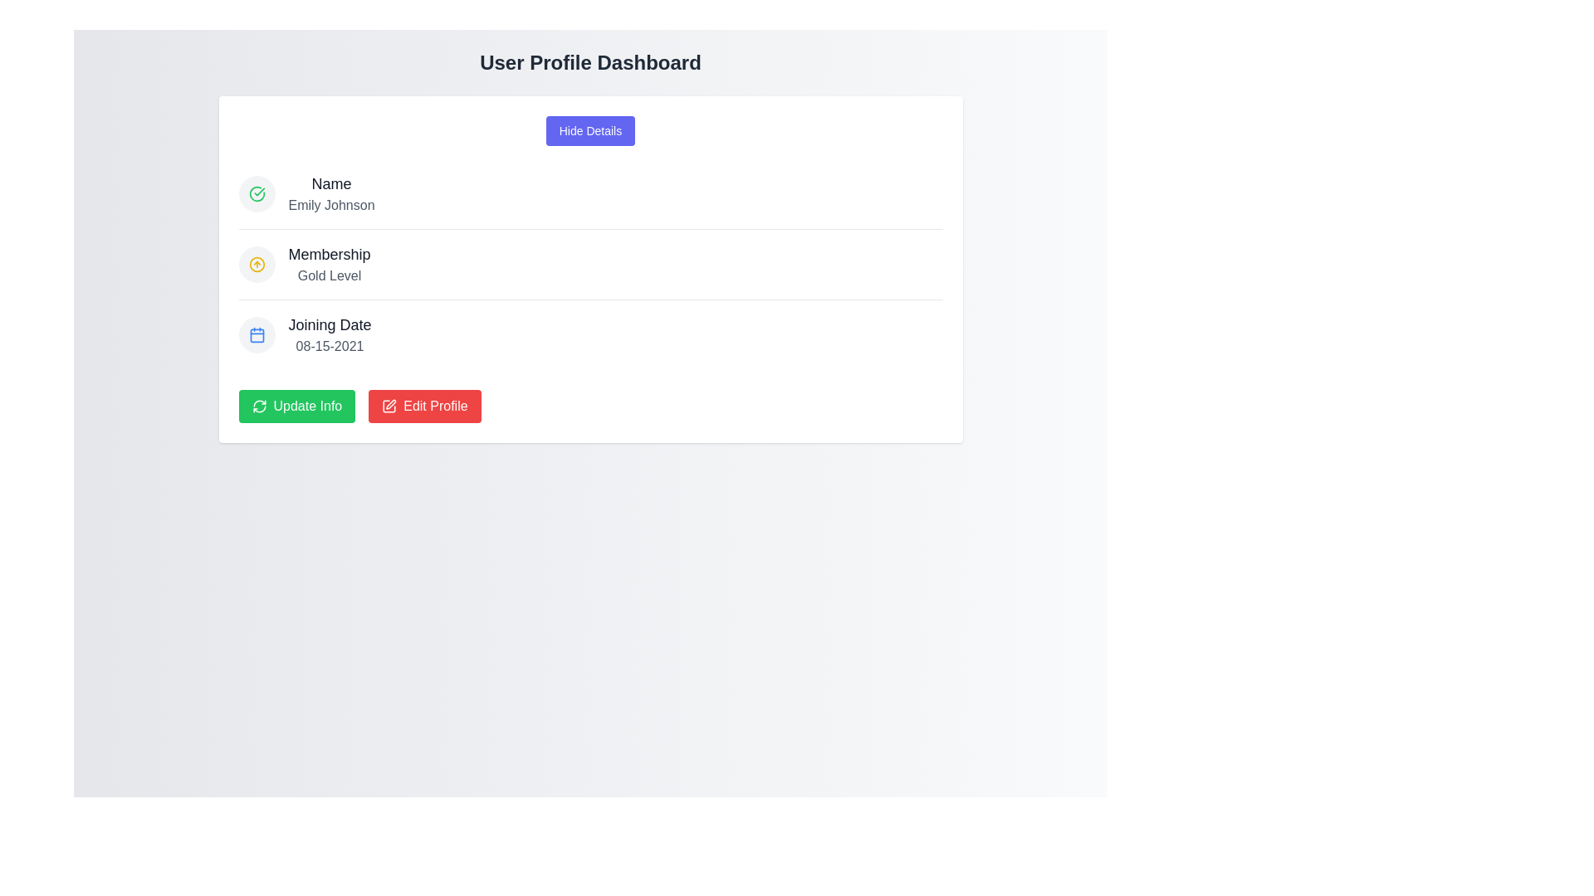  I want to click on the text display pair labeled 'Name' that shows the value 'Emily Johnson', located in the user information section of the interface, so click(331, 193).